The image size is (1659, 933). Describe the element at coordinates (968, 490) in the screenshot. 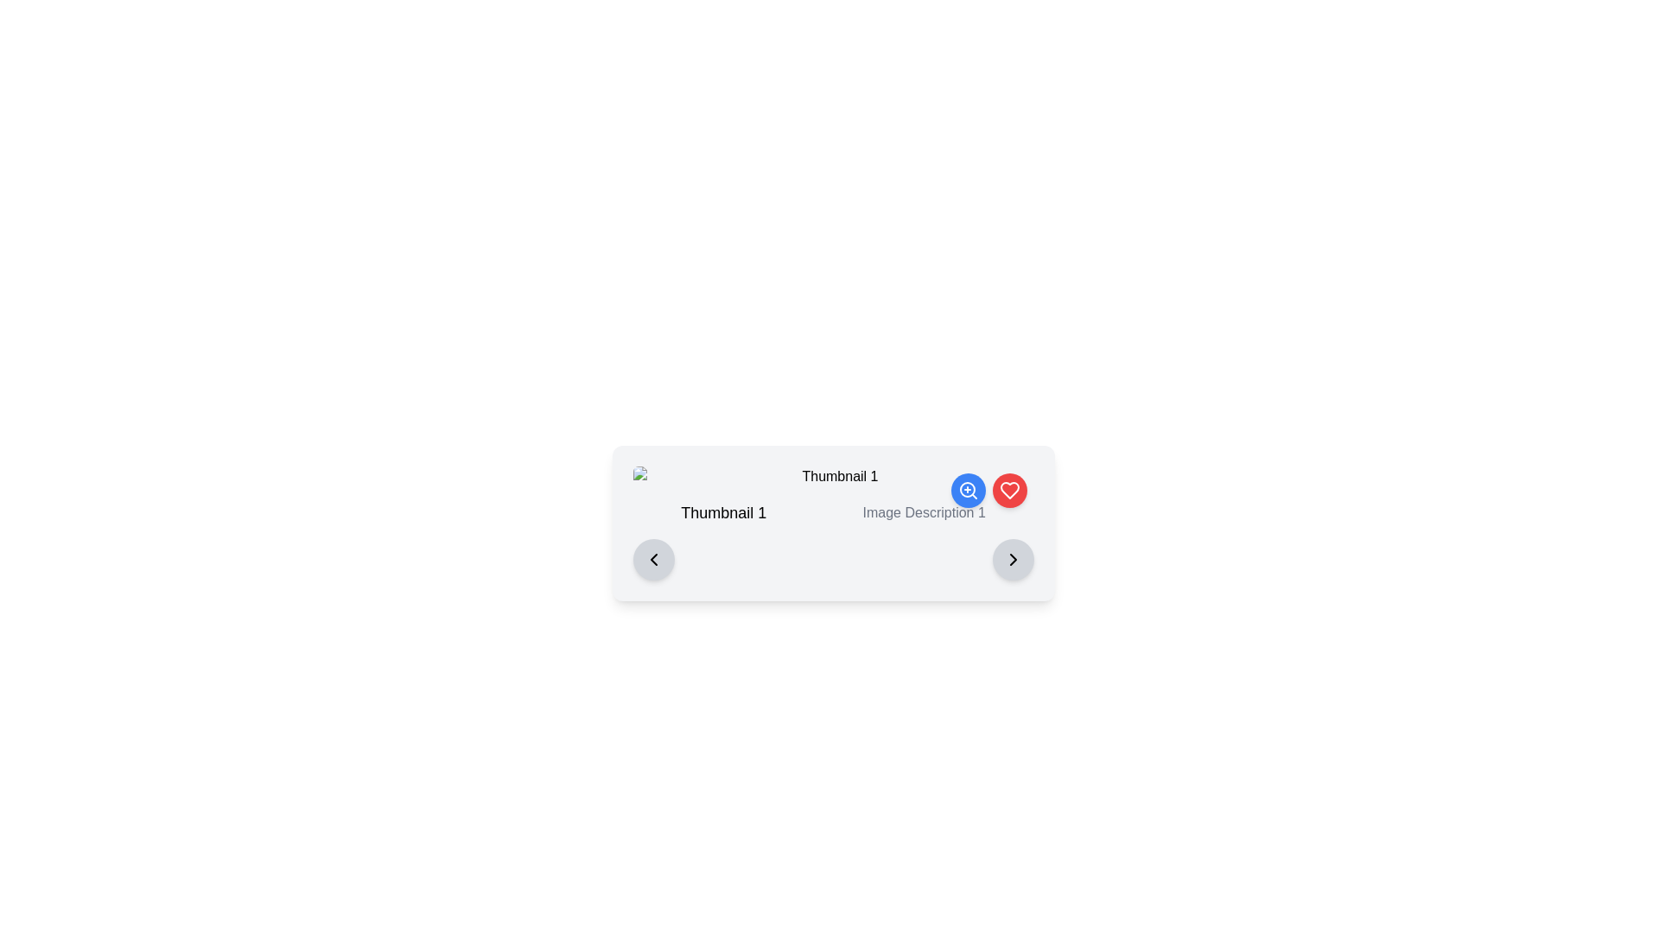

I see `the blue circular button with a magnifying glass and plus sign icon to zoom in on the image` at that location.